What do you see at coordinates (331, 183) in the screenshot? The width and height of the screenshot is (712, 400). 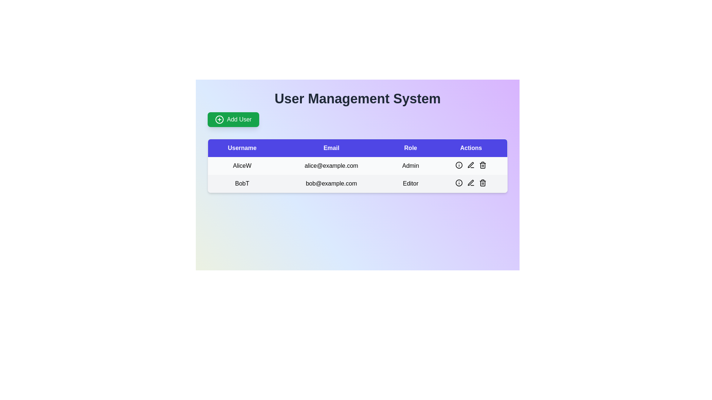 I see `email address text label displaying 'bob@example.com', which is centrally aligned in a grey background within the Email column of the table under the second row corresponding to the 'BobT' entry` at bounding box center [331, 183].